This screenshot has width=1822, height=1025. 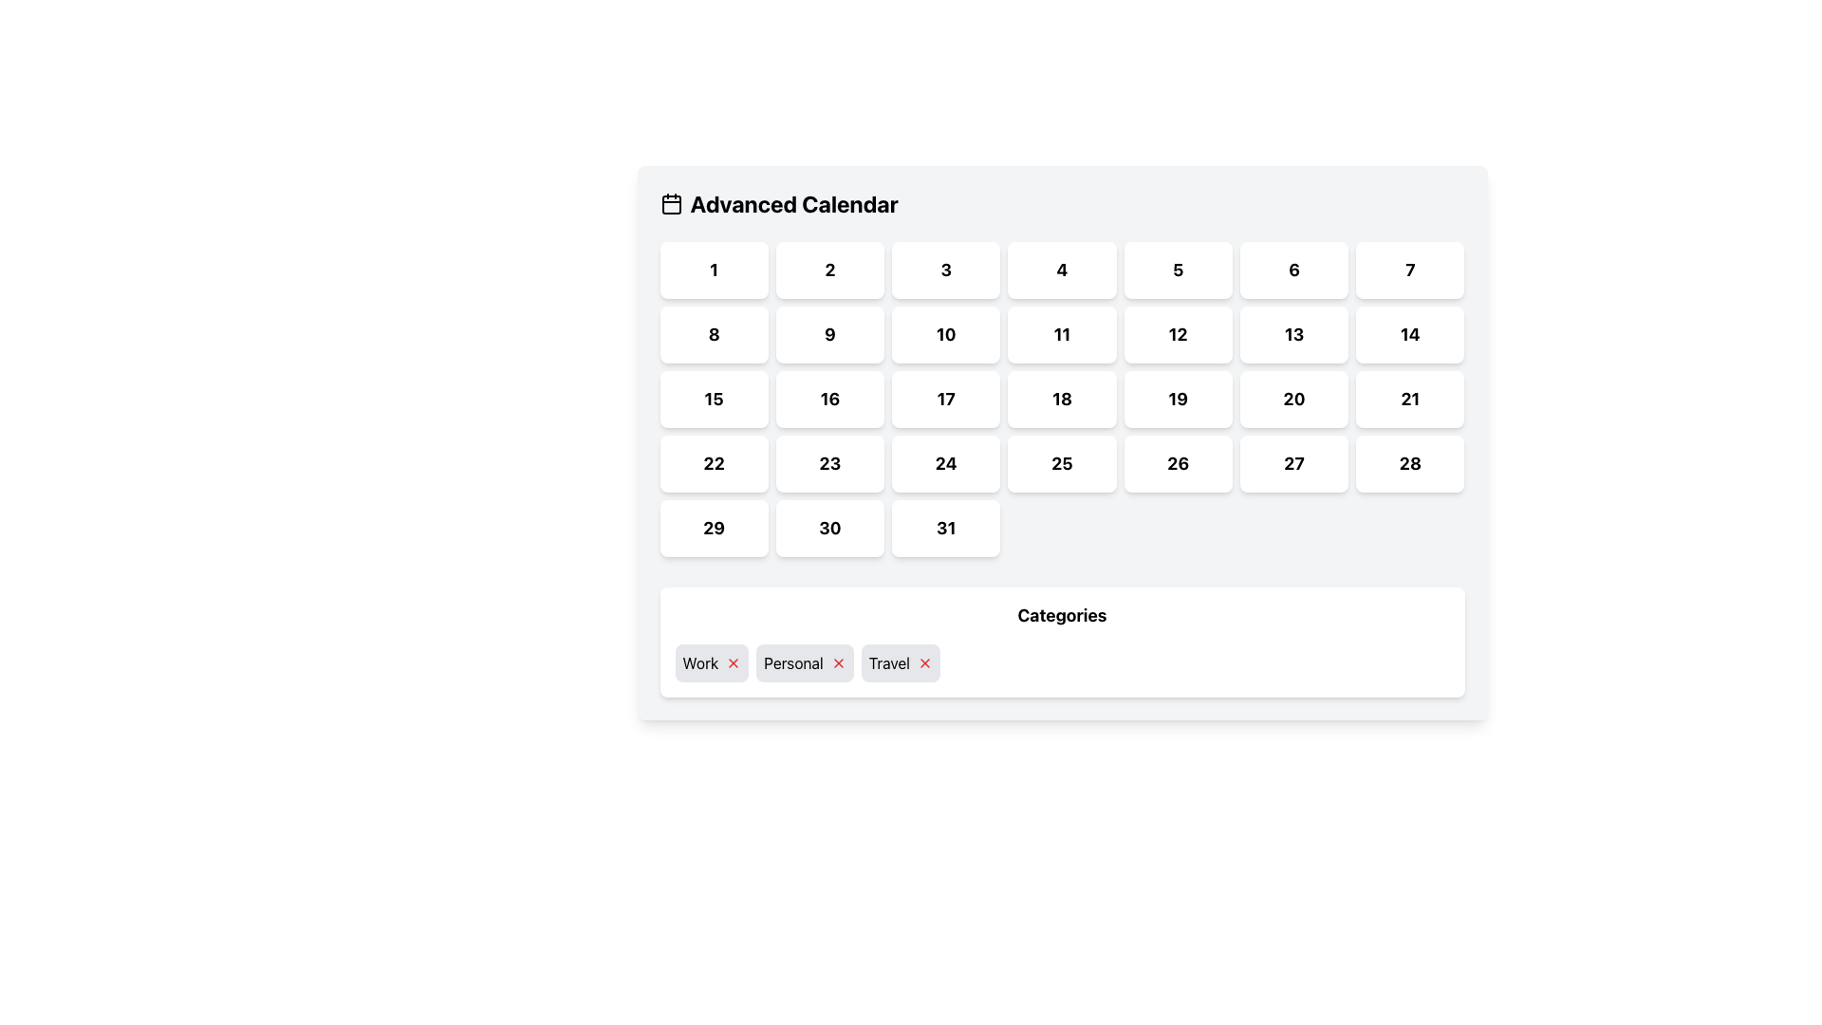 What do you see at coordinates (1061, 398) in the screenshot?
I see `the button representing the eighteenth day in the calendar view` at bounding box center [1061, 398].